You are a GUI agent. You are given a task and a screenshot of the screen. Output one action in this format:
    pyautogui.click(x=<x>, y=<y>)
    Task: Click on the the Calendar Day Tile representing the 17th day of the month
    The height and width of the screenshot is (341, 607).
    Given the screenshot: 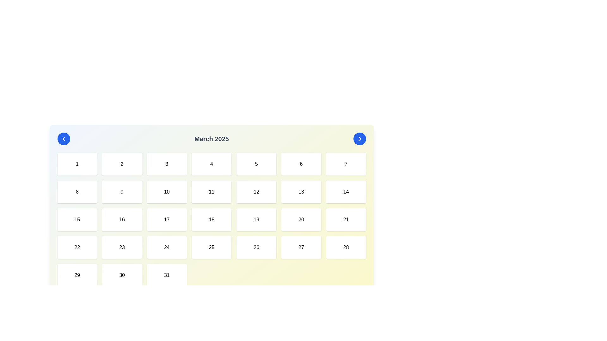 What is the action you would take?
    pyautogui.click(x=167, y=219)
    